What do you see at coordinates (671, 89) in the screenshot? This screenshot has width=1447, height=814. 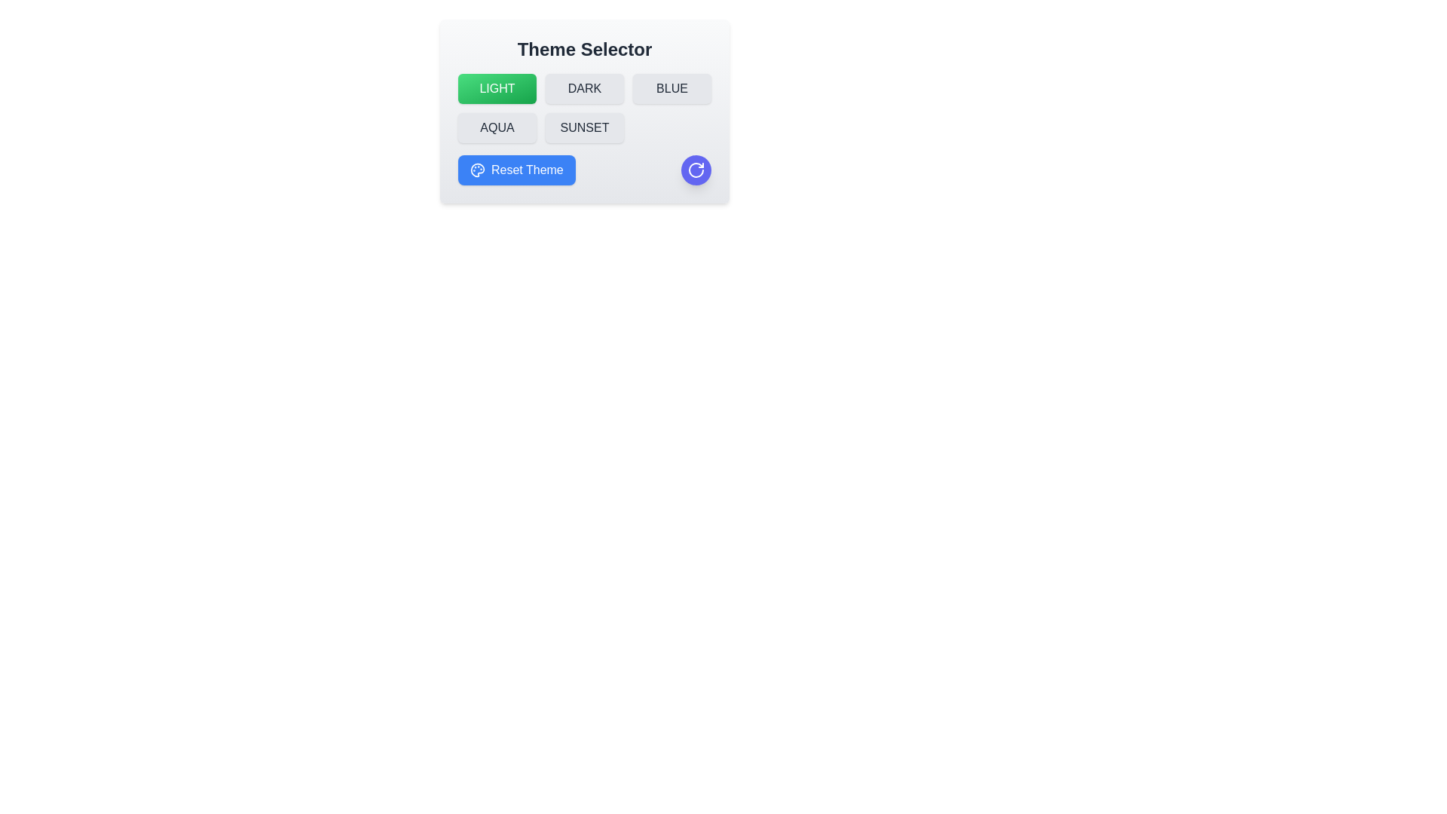 I see `the theme button corresponding to BLUE` at bounding box center [671, 89].